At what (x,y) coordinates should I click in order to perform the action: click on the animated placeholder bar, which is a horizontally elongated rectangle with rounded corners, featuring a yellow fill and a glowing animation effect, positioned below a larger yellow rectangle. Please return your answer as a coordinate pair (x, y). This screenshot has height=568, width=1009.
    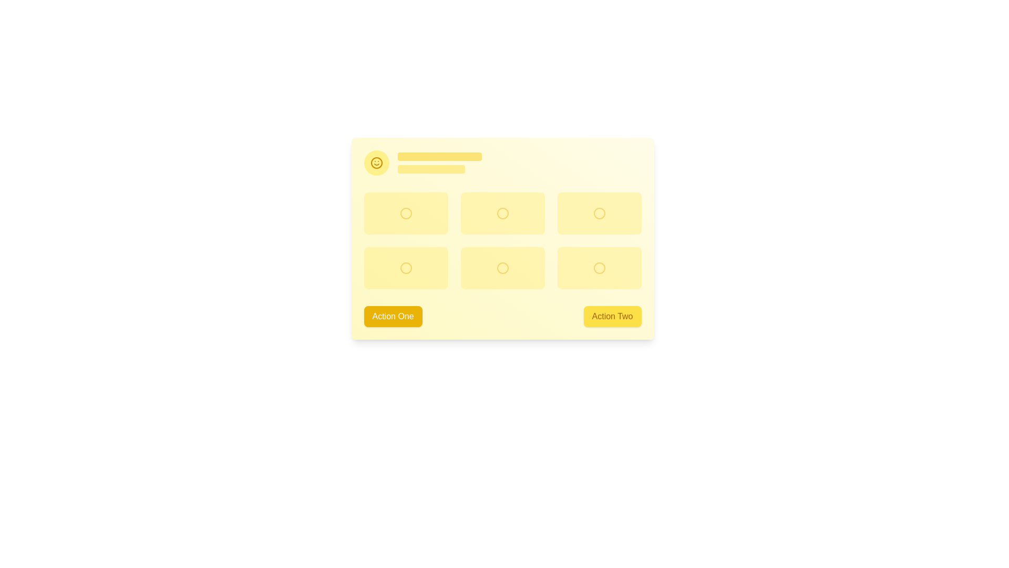
    Looking at the image, I should click on (431, 168).